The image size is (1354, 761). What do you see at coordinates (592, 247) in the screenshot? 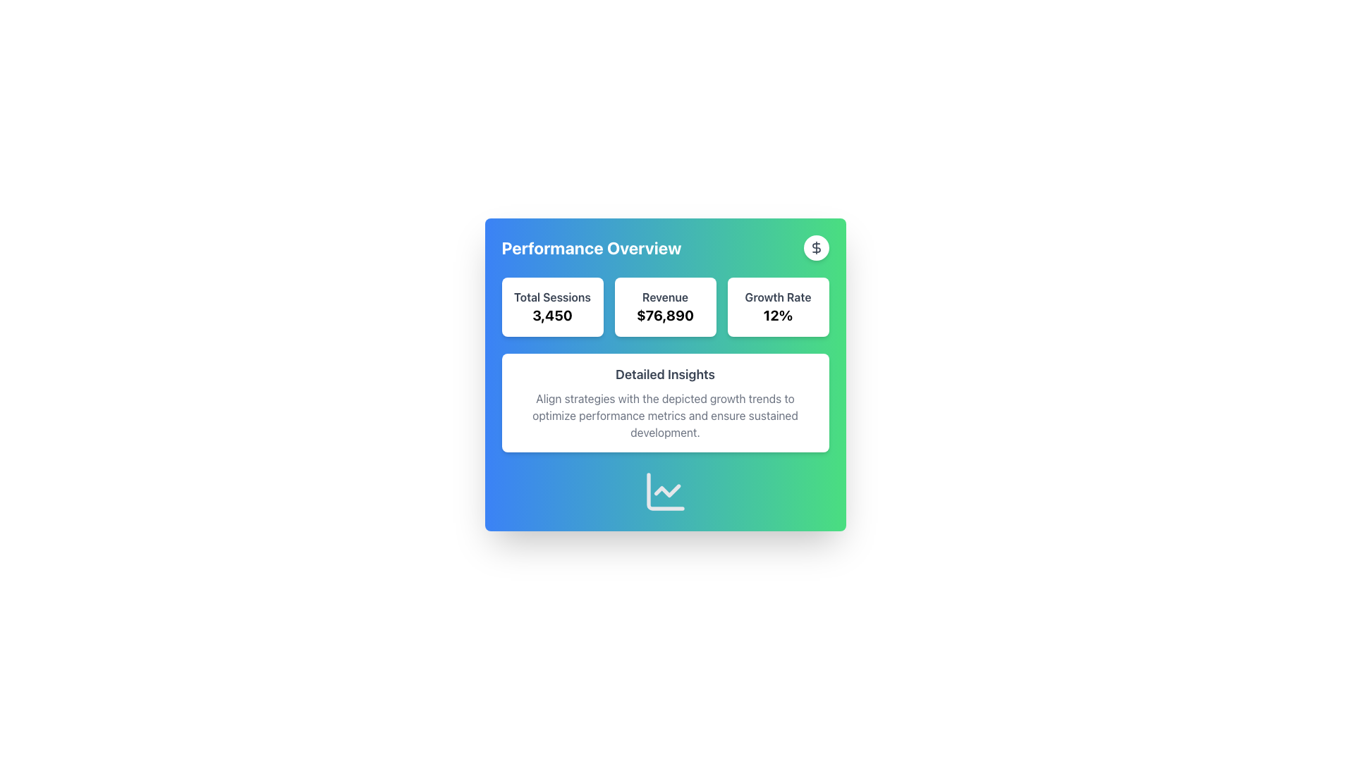
I see `the text label displaying 'Performance Overview' in bold white text, which is prominently placed on a gradient blue-to-green background at the top-left of the card-like interface` at bounding box center [592, 247].